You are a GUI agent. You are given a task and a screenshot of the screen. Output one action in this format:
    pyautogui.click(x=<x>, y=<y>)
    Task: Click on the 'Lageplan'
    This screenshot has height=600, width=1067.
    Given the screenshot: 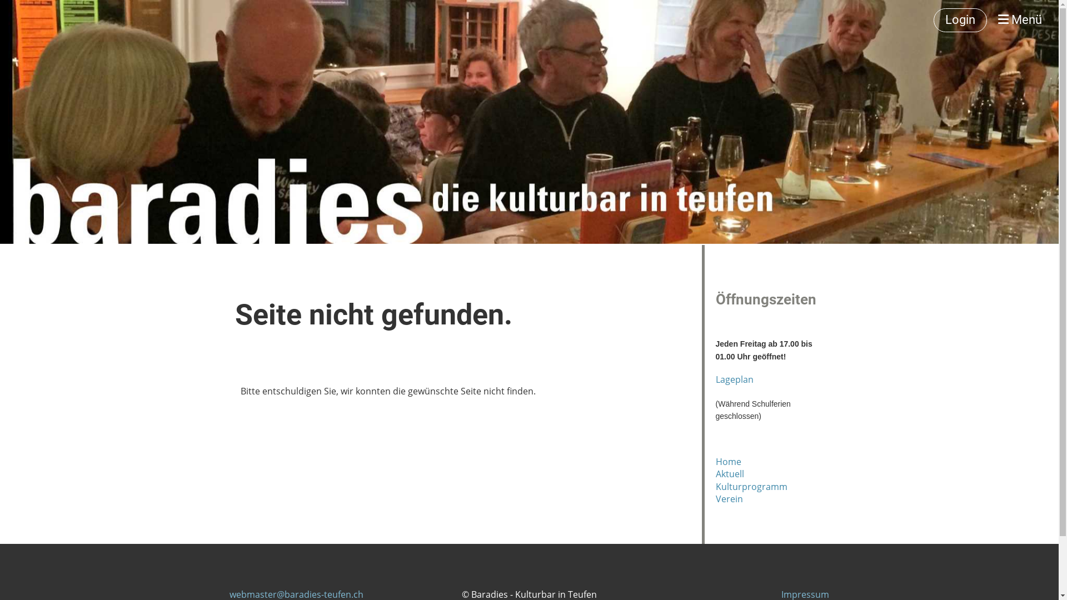 What is the action you would take?
    pyautogui.click(x=734, y=378)
    